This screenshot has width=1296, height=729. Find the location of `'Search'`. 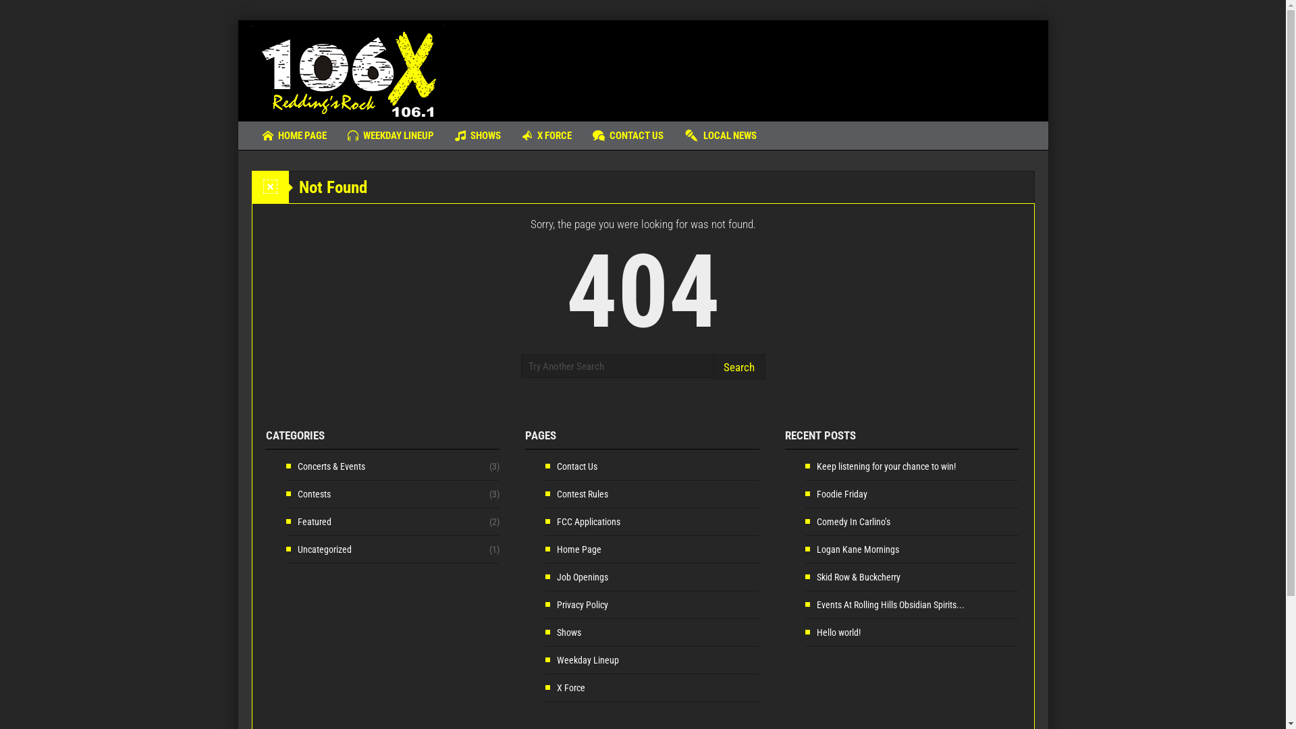

'Search' is located at coordinates (738, 367).